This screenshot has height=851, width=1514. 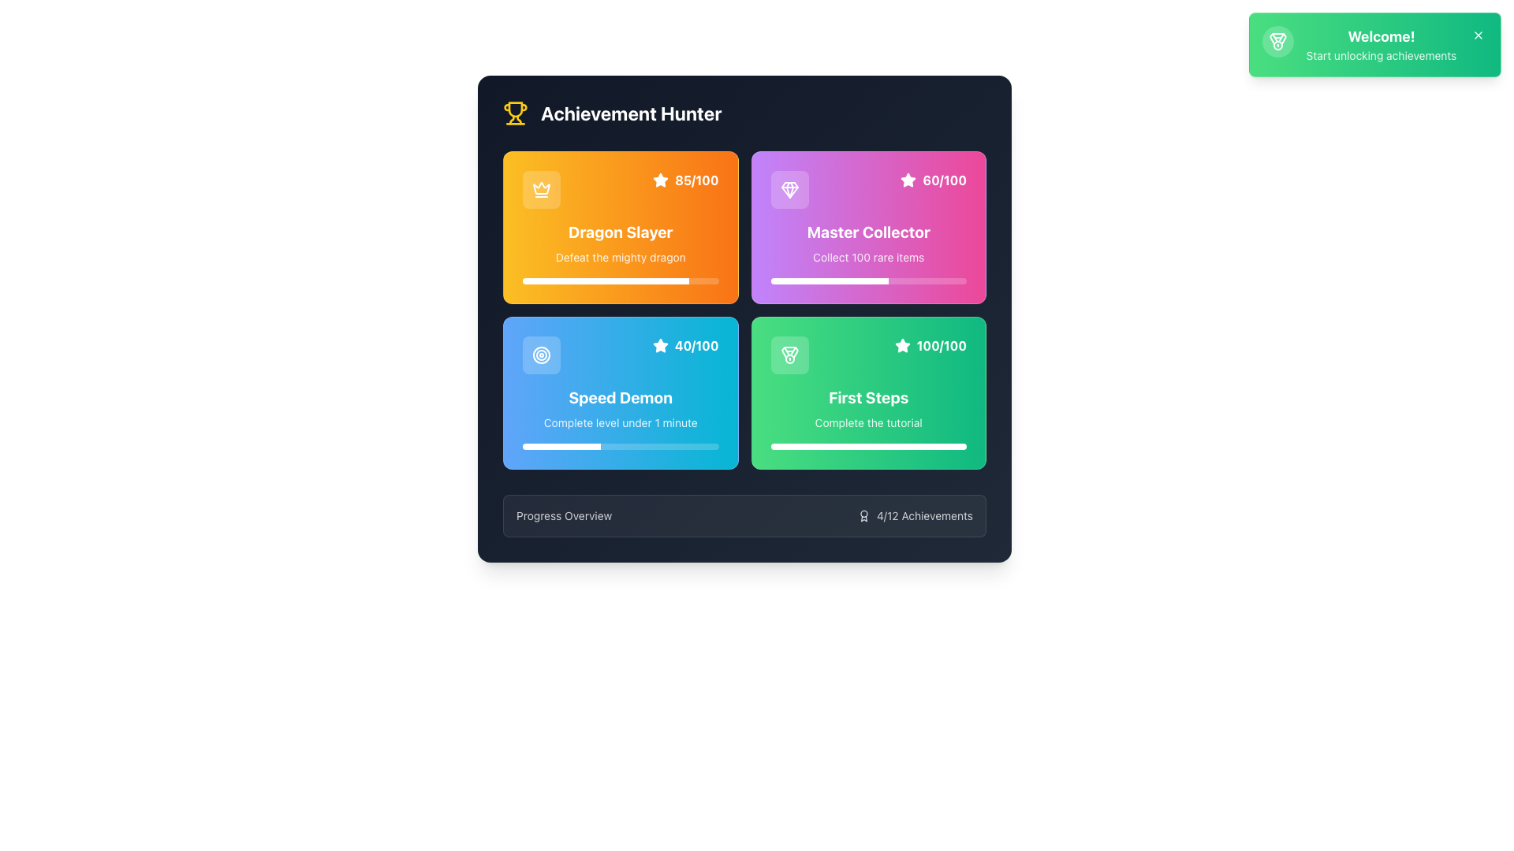 I want to click on informational text label located under the heading 'Welcome!' in the green notification card, so click(x=1381, y=54).